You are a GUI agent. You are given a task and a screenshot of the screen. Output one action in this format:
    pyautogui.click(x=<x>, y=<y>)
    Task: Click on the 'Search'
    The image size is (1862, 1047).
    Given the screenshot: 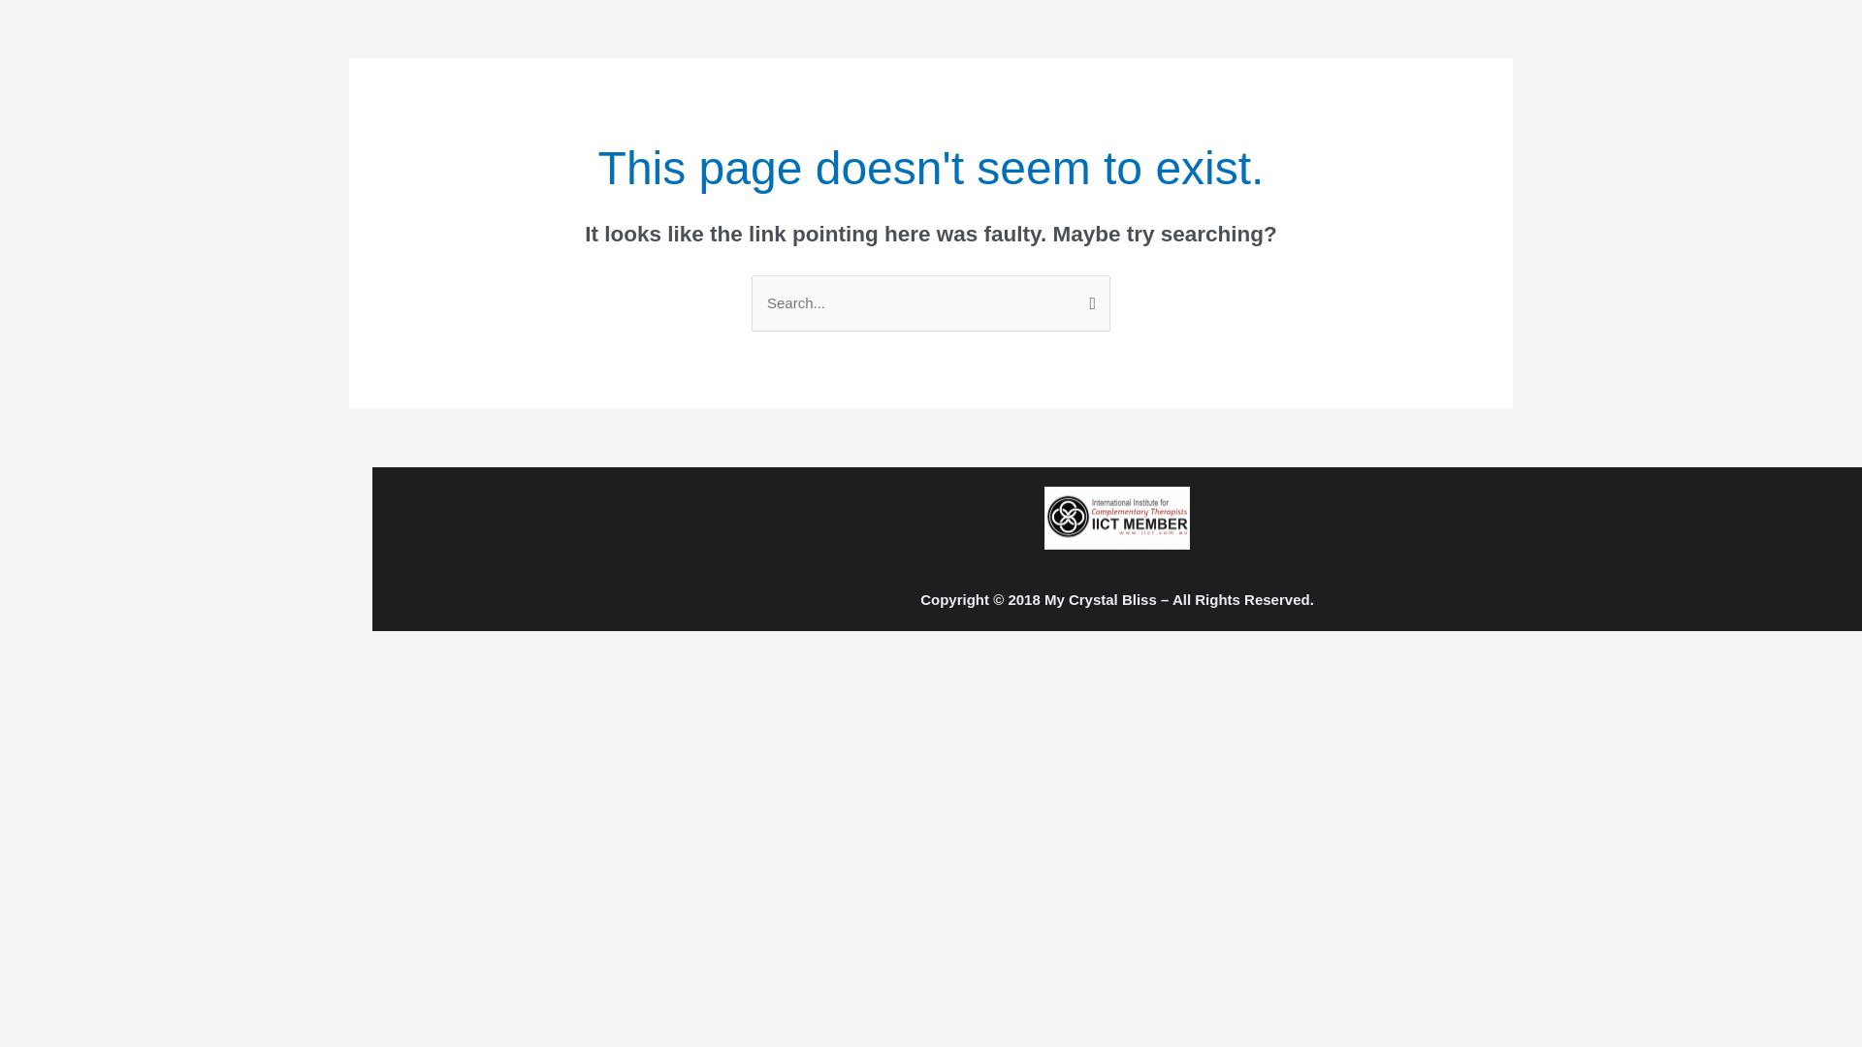 What is the action you would take?
    pyautogui.click(x=1088, y=301)
    